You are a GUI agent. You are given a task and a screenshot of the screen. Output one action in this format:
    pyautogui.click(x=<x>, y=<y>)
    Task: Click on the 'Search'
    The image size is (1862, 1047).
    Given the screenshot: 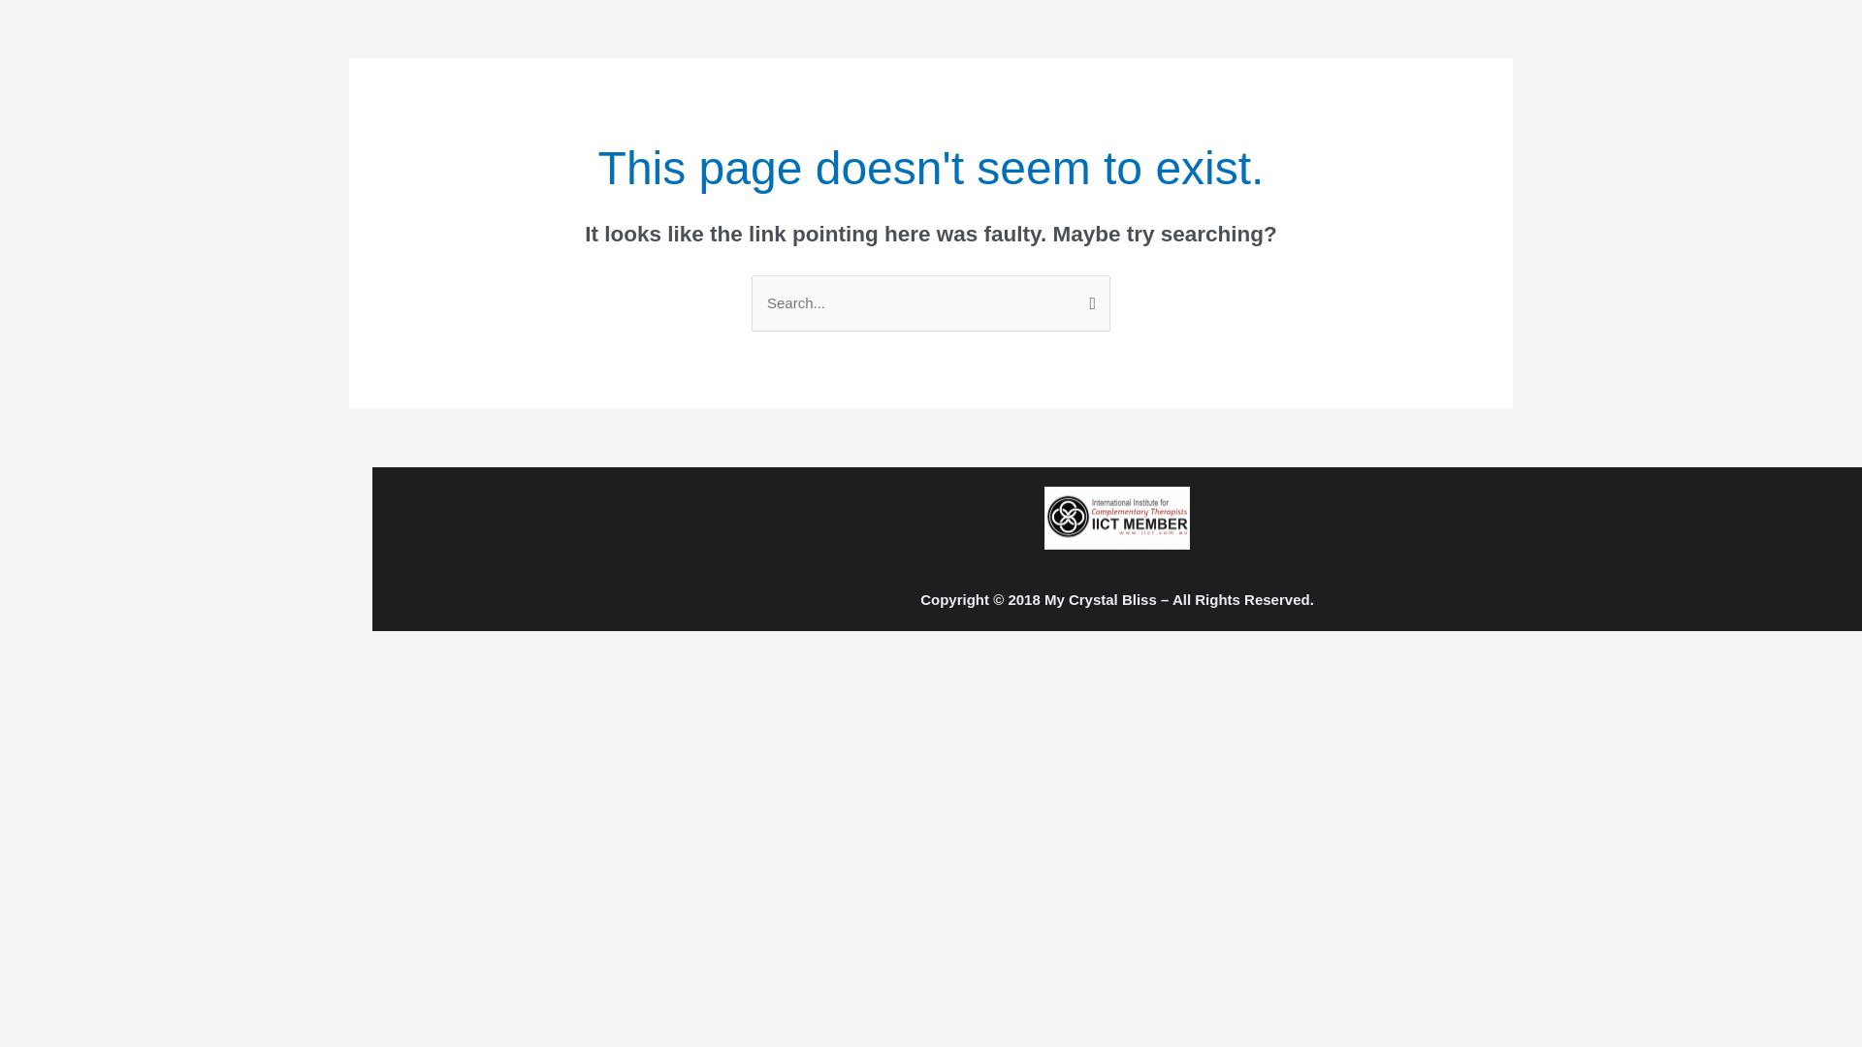 What is the action you would take?
    pyautogui.click(x=1088, y=301)
    